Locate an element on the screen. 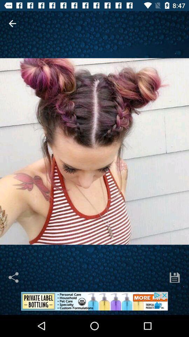 The image size is (189, 337). enlarges image is located at coordinates (94, 151).